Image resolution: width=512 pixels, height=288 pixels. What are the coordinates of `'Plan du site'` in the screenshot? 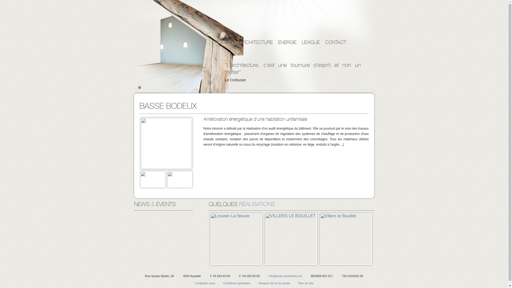 It's located at (306, 283).